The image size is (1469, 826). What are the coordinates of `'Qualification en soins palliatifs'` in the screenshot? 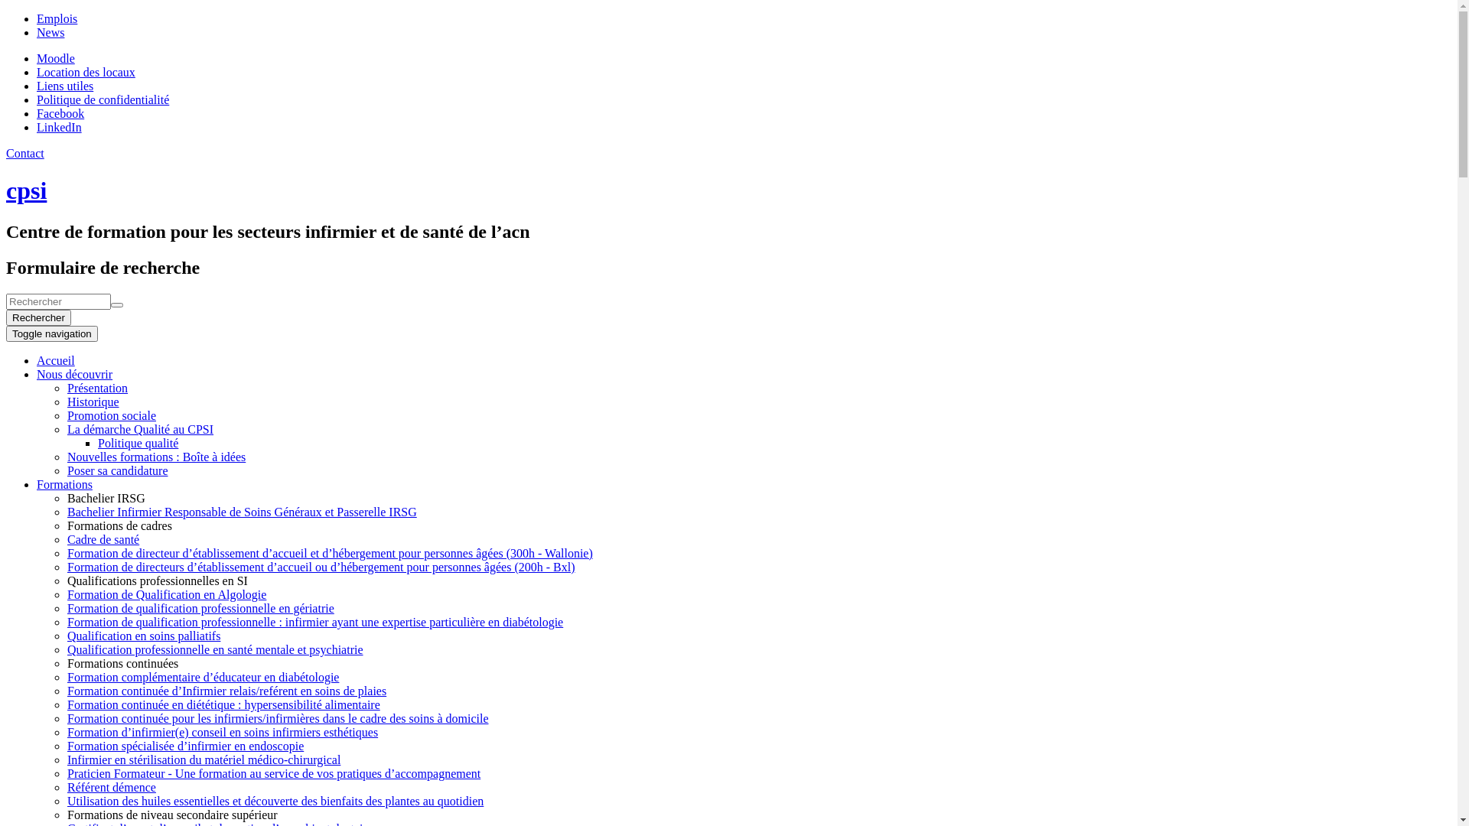 It's located at (143, 636).